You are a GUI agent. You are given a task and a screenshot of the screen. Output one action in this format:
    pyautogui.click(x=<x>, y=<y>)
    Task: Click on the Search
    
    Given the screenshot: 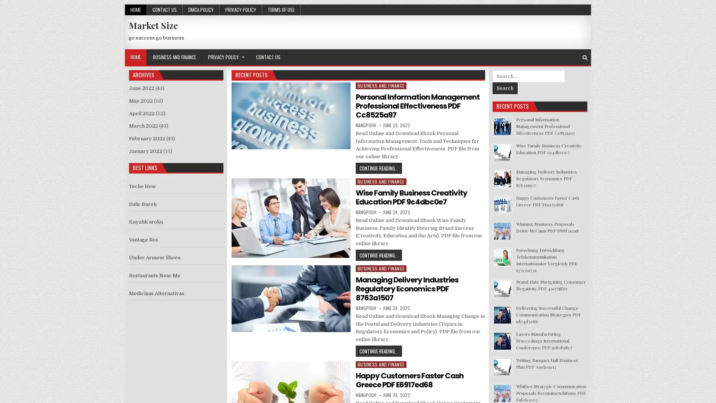 What is the action you would take?
    pyautogui.click(x=505, y=88)
    